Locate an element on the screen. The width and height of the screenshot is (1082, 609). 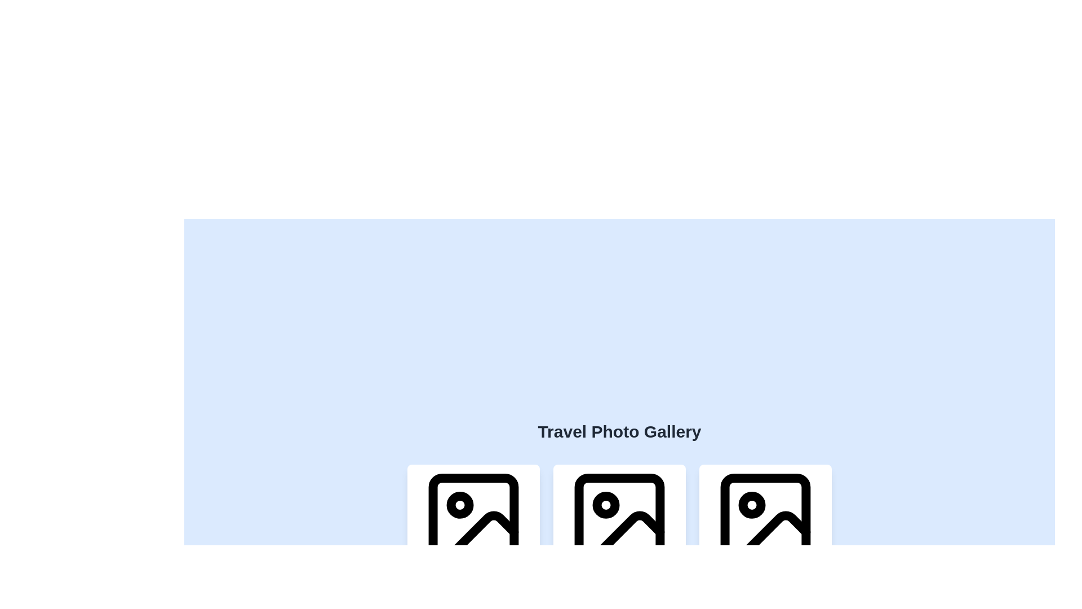
the leftmost image icon, which is a black outlined rectangle with rounded corners, containing a circle and a diagonal line, located beneath the 'Travel Photo Gallery' heading is located at coordinates (473, 519).